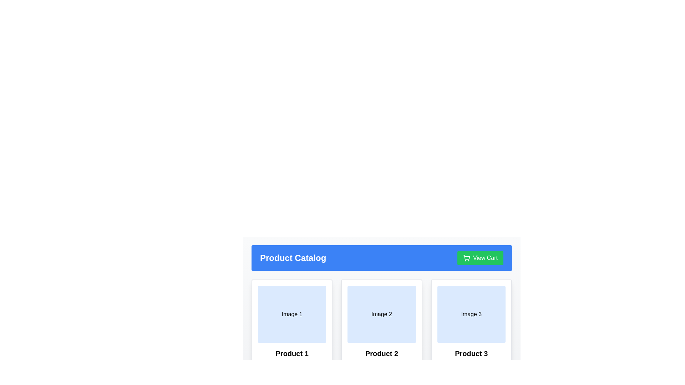 The image size is (685, 385). I want to click on the Image placeholder with a light blue background and centered black text saying 'Image 1', so click(292, 314).